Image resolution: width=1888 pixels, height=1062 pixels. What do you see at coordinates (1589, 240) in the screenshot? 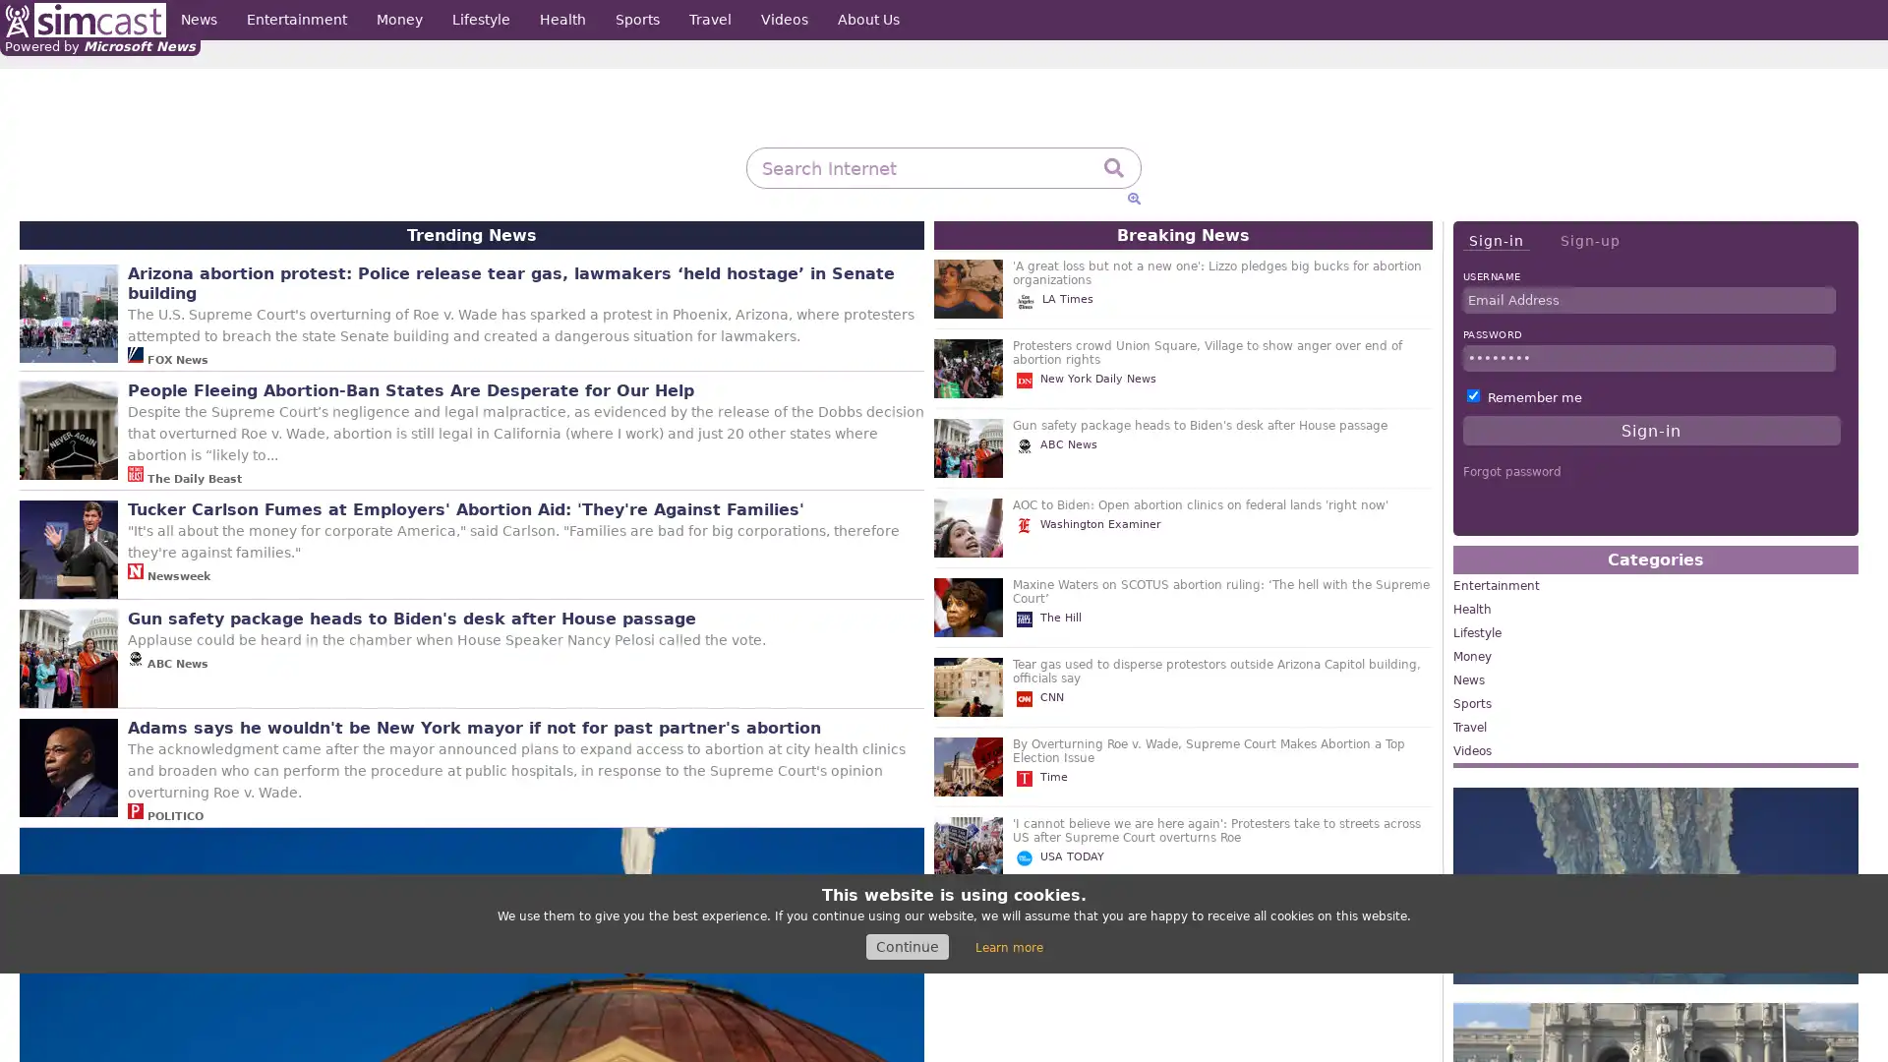
I see `Sign-up` at bounding box center [1589, 240].